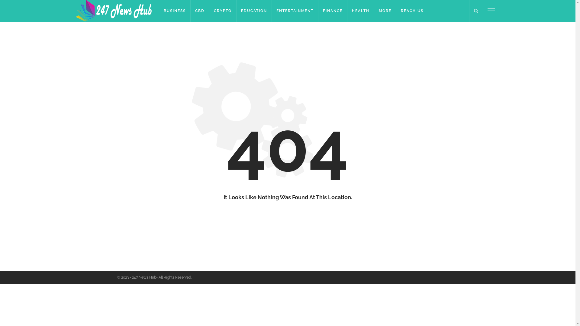  Describe the element at coordinates (295, 11) in the screenshot. I see `'ENTERTAINMENT'` at that location.